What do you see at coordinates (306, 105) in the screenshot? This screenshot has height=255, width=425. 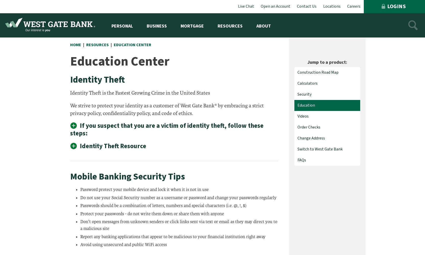 I see `'Education'` at bounding box center [306, 105].